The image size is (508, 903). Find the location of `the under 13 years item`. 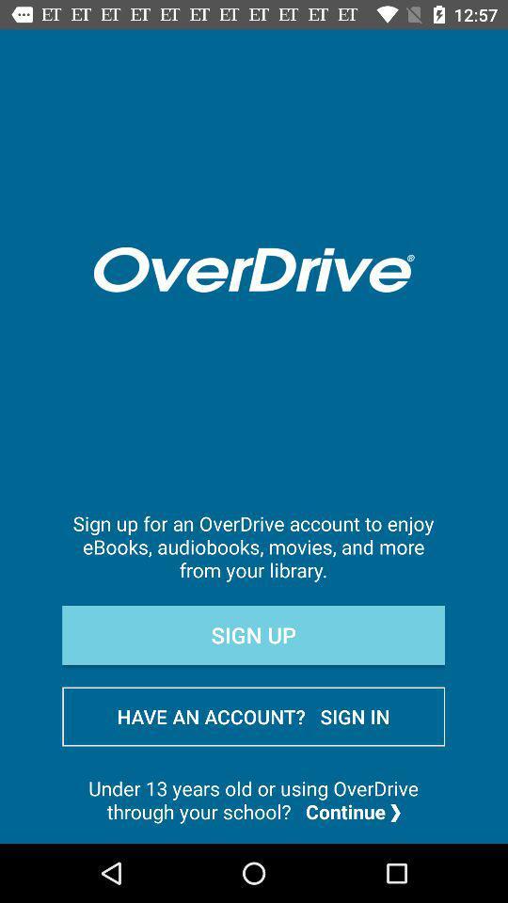

the under 13 years item is located at coordinates (253, 799).